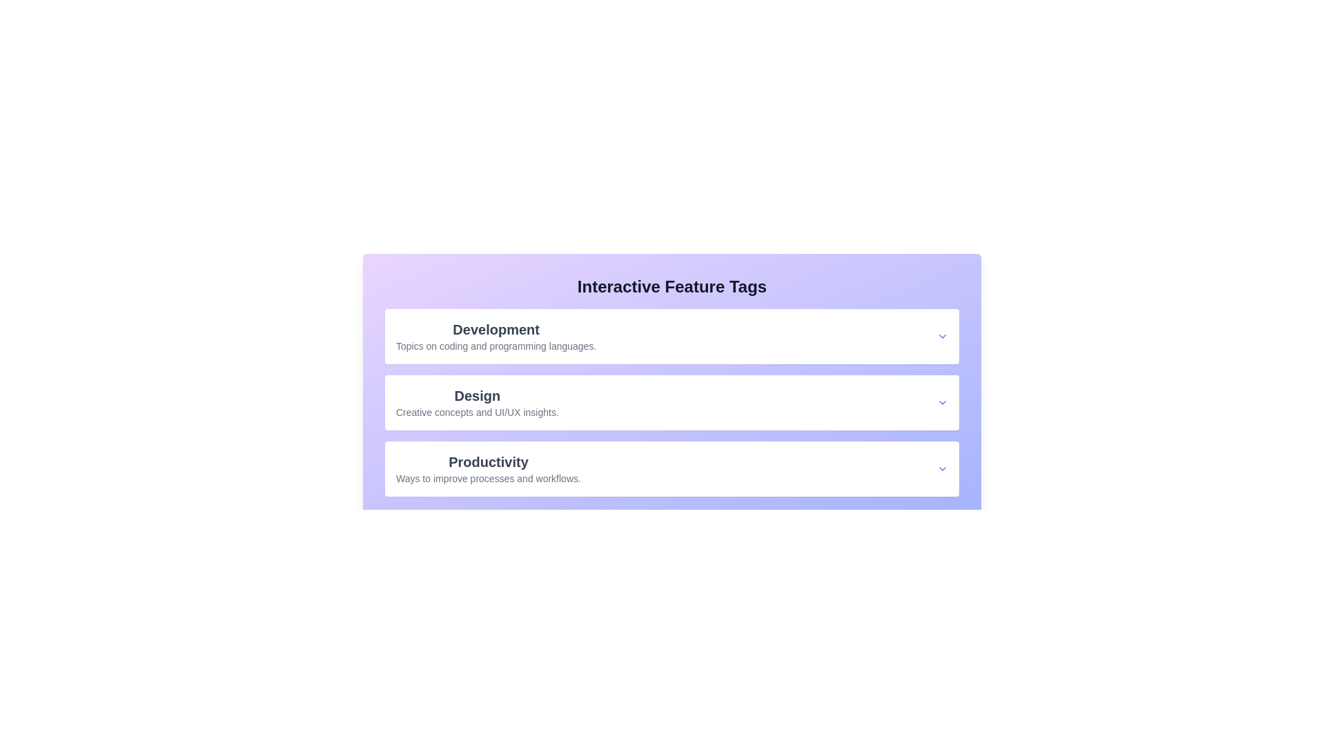  I want to click on the Collapsible section header titled 'Design', so click(672, 402).